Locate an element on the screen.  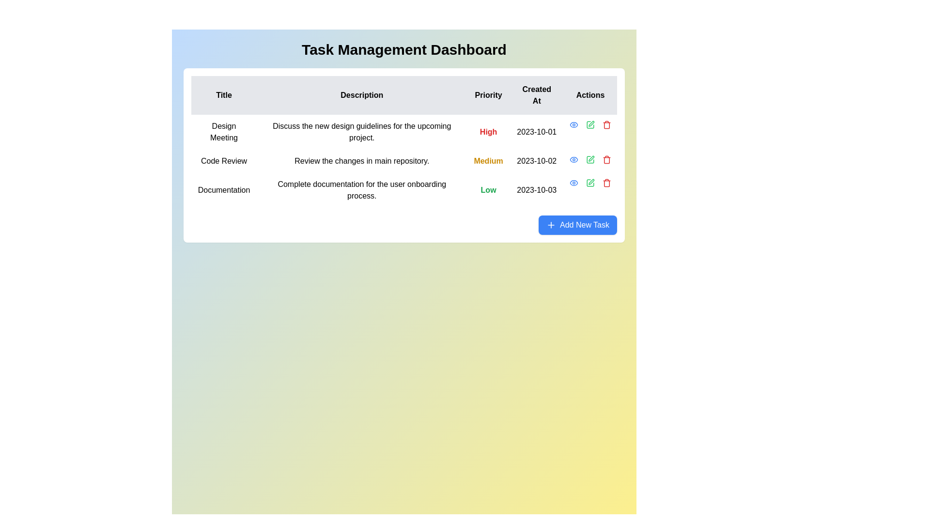
the icon button resembling a pen in the 'Actions' column for the 'Code Review' task is located at coordinates (591, 158).